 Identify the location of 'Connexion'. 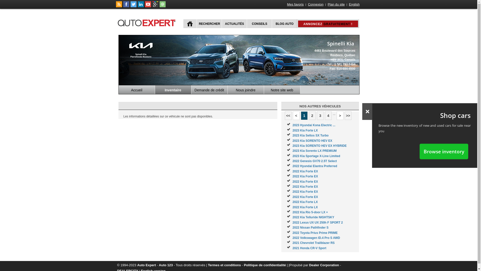
(307, 4).